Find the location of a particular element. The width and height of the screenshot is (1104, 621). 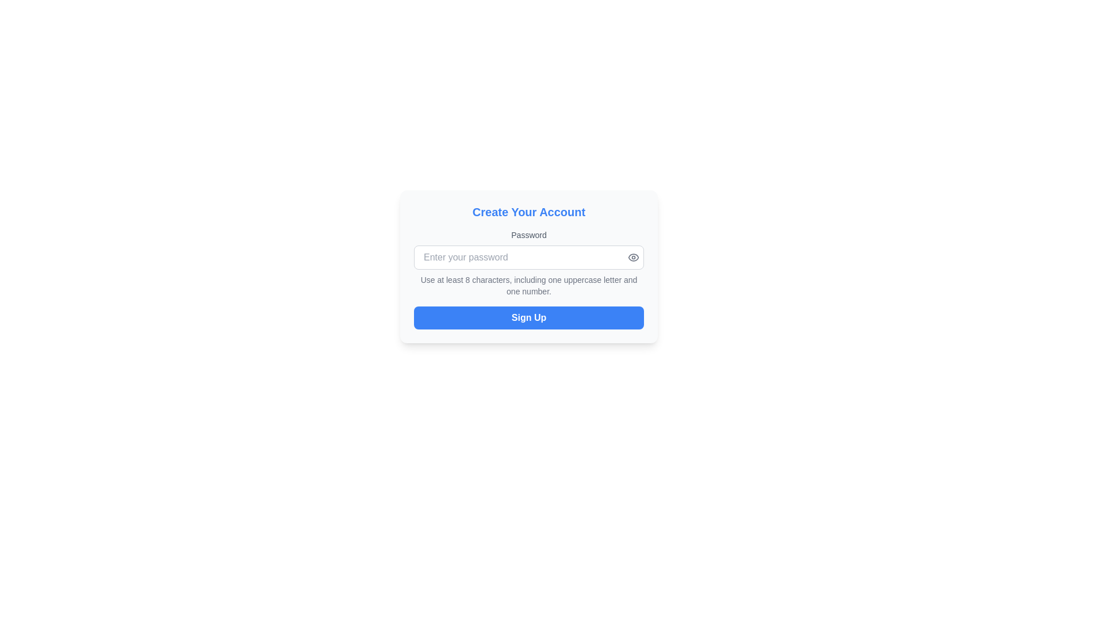

the bright blue 'Sign Up' button with bold white text located at the bottom of the 'Create Your Account' form is located at coordinates (528, 317).